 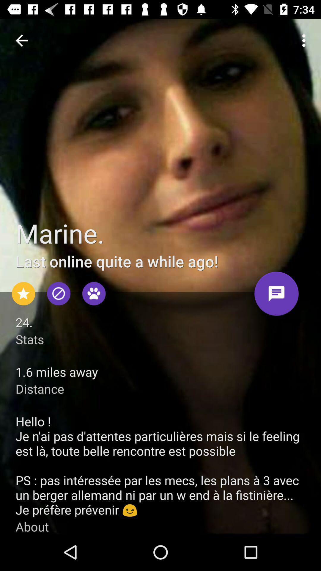 I want to click on the star icon, so click(x=23, y=294).